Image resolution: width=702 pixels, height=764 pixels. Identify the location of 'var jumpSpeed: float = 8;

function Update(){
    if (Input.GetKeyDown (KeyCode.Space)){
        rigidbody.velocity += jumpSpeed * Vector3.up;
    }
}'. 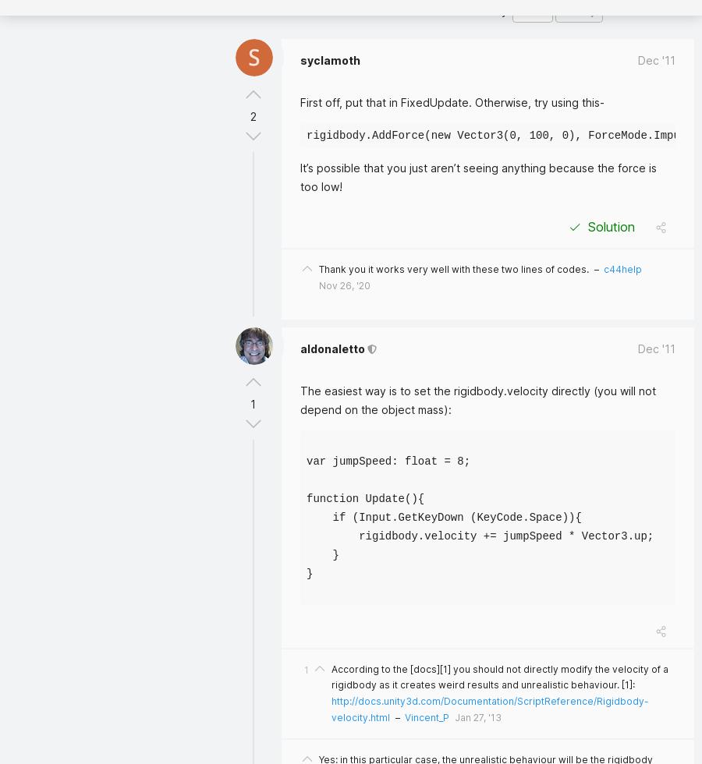
(307, 517).